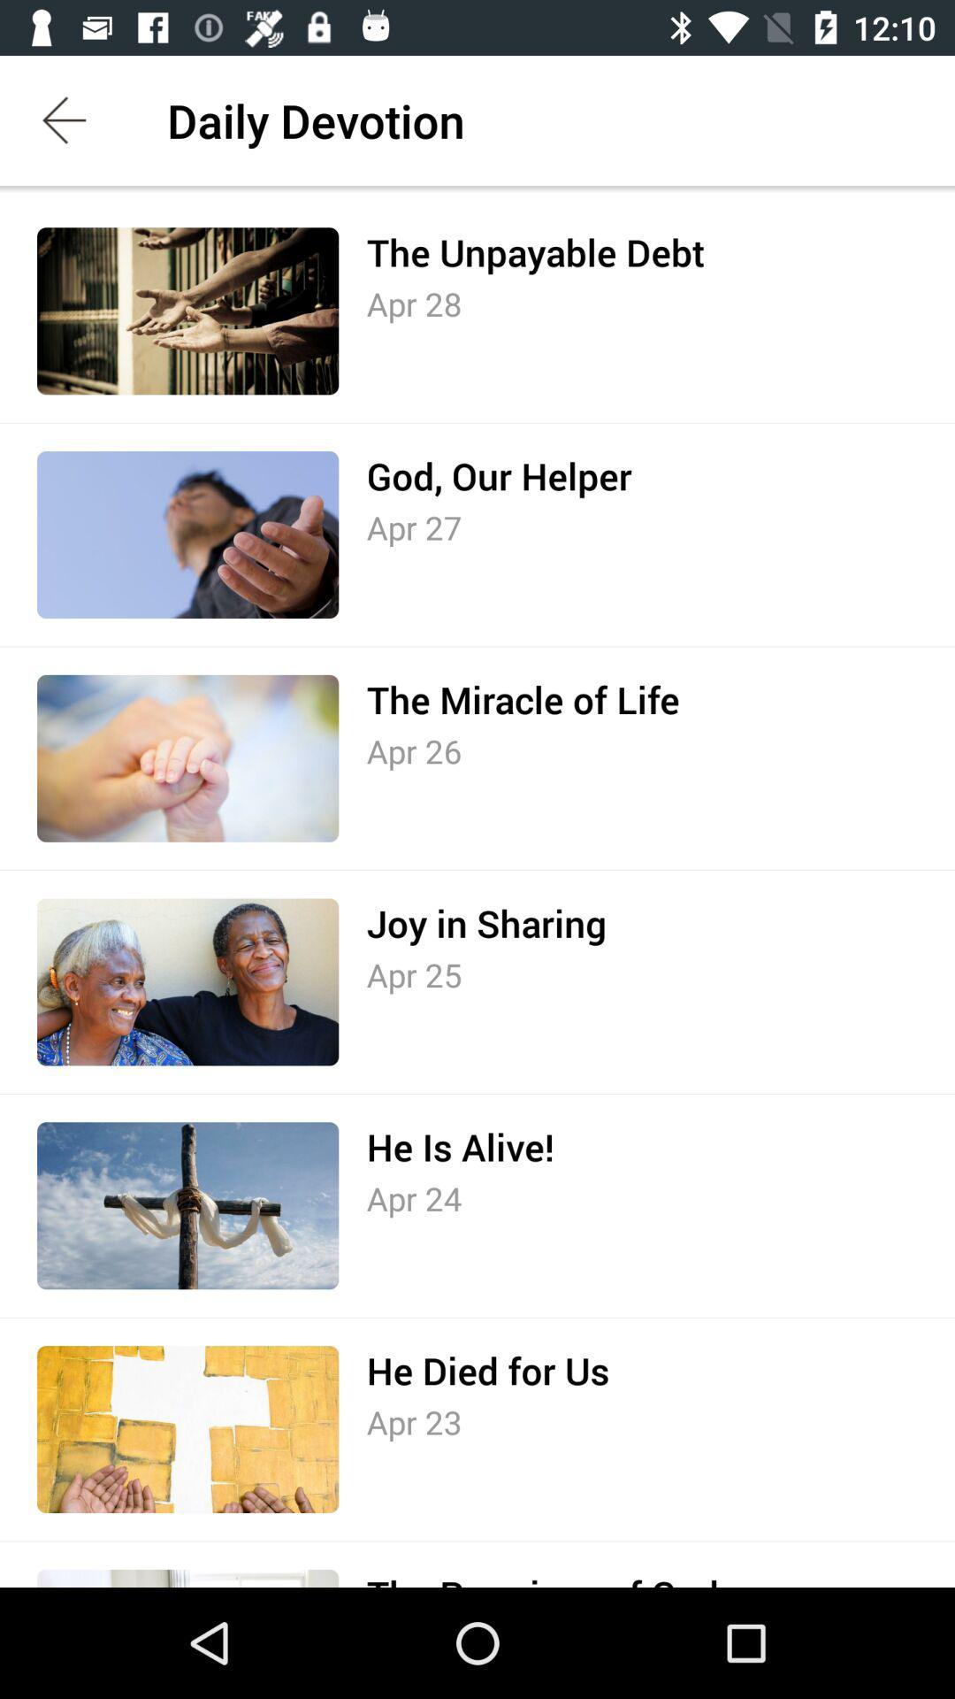  What do you see at coordinates (414, 751) in the screenshot?
I see `apr 26` at bounding box center [414, 751].